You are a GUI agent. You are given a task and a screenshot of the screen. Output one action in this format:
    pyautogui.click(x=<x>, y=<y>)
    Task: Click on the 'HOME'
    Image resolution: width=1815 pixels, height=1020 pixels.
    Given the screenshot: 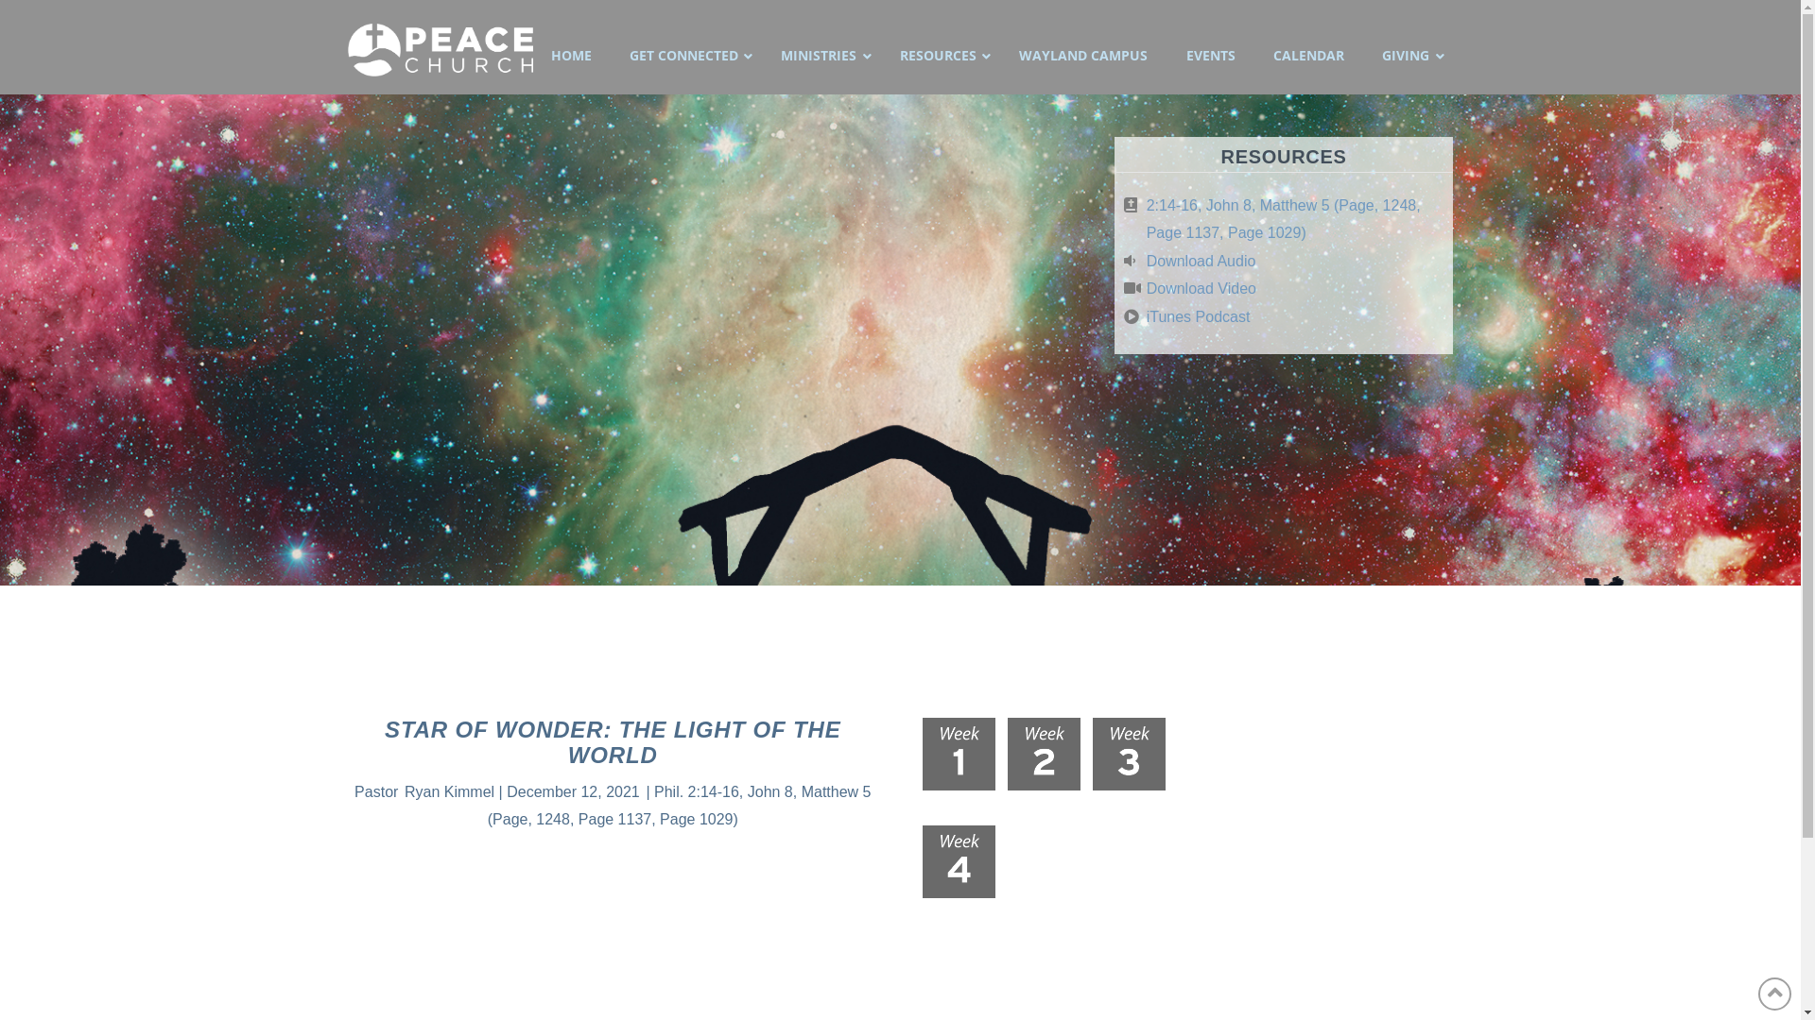 What is the action you would take?
    pyautogui.click(x=569, y=54)
    